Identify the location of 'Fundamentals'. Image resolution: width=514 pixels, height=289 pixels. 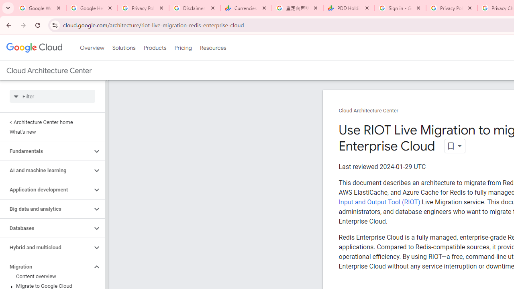
(45, 151).